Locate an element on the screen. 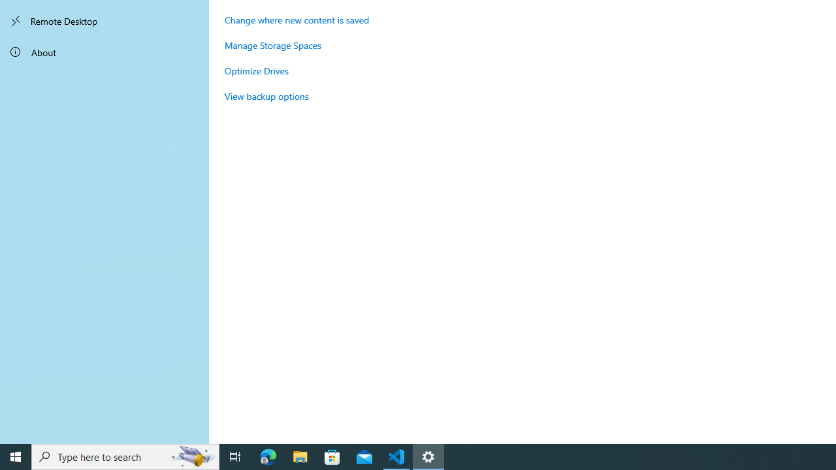  'View backup options' is located at coordinates (266, 95).